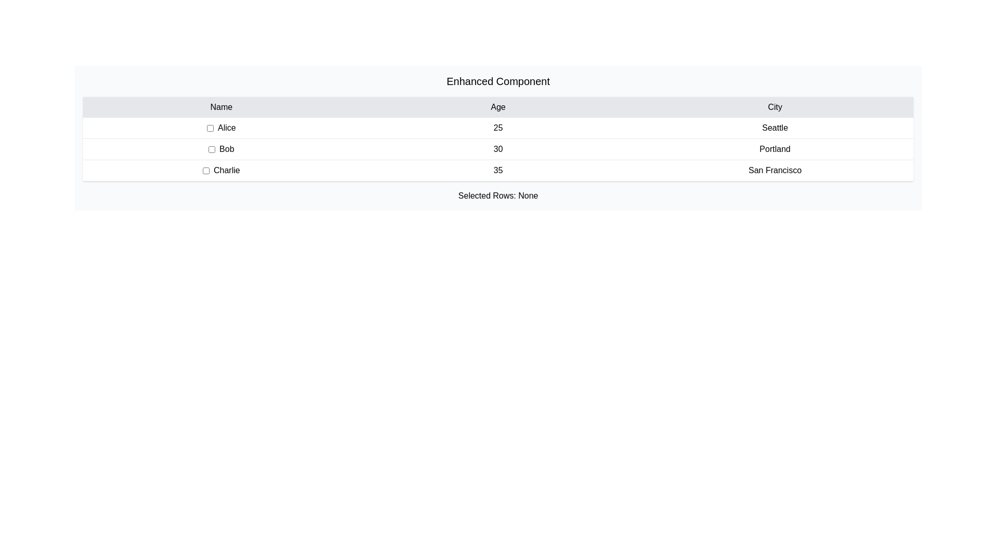  I want to click on the third row of the table which contains the checkbox and the text 'Charlie', '35', and 'San Francisco', so click(498, 170).